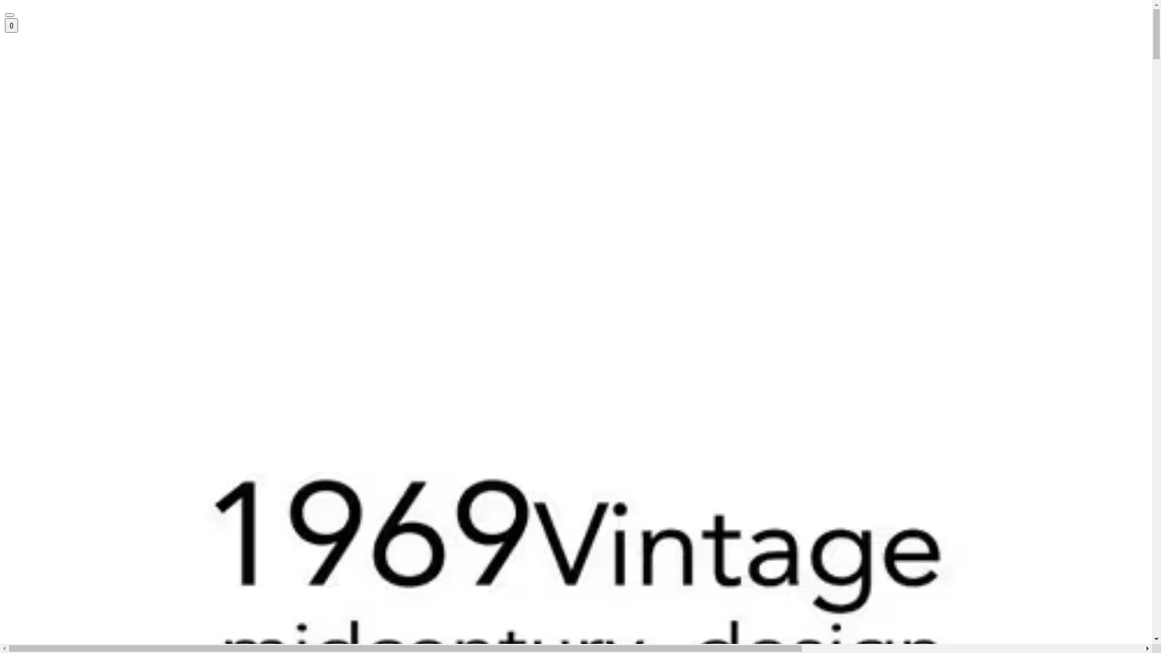  What do you see at coordinates (11, 25) in the screenshot?
I see `'0'` at bounding box center [11, 25].